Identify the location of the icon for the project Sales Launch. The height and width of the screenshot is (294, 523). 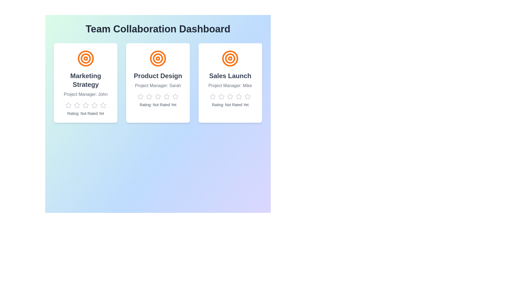
(230, 59).